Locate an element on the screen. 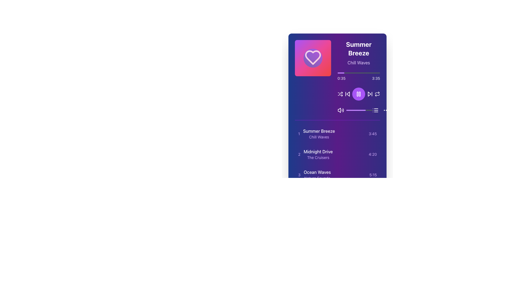 The width and height of the screenshot is (519, 292). the text label displaying the duration of the song 'Midnight Drive', positioned to the far right of the entry is located at coordinates (372, 154).